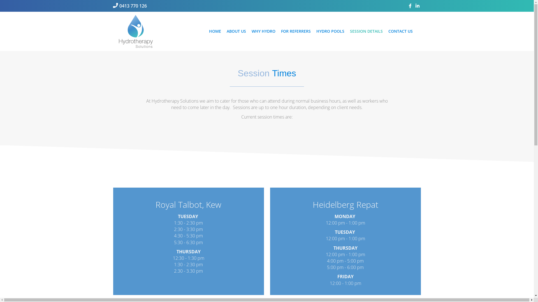 This screenshot has height=302, width=538. I want to click on 'FOR REFERRERS', so click(295, 31).